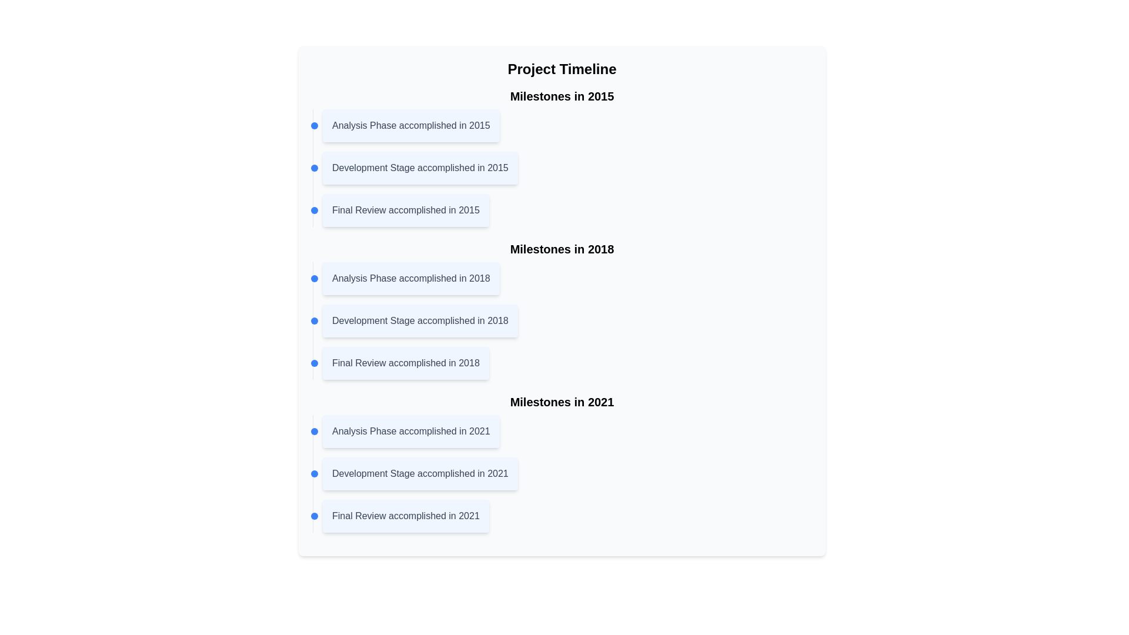  What do you see at coordinates (314, 321) in the screenshot?
I see `the second Decorative marker representing the milestone 'Development Stage accomplished in 2018' in the timeline interface` at bounding box center [314, 321].